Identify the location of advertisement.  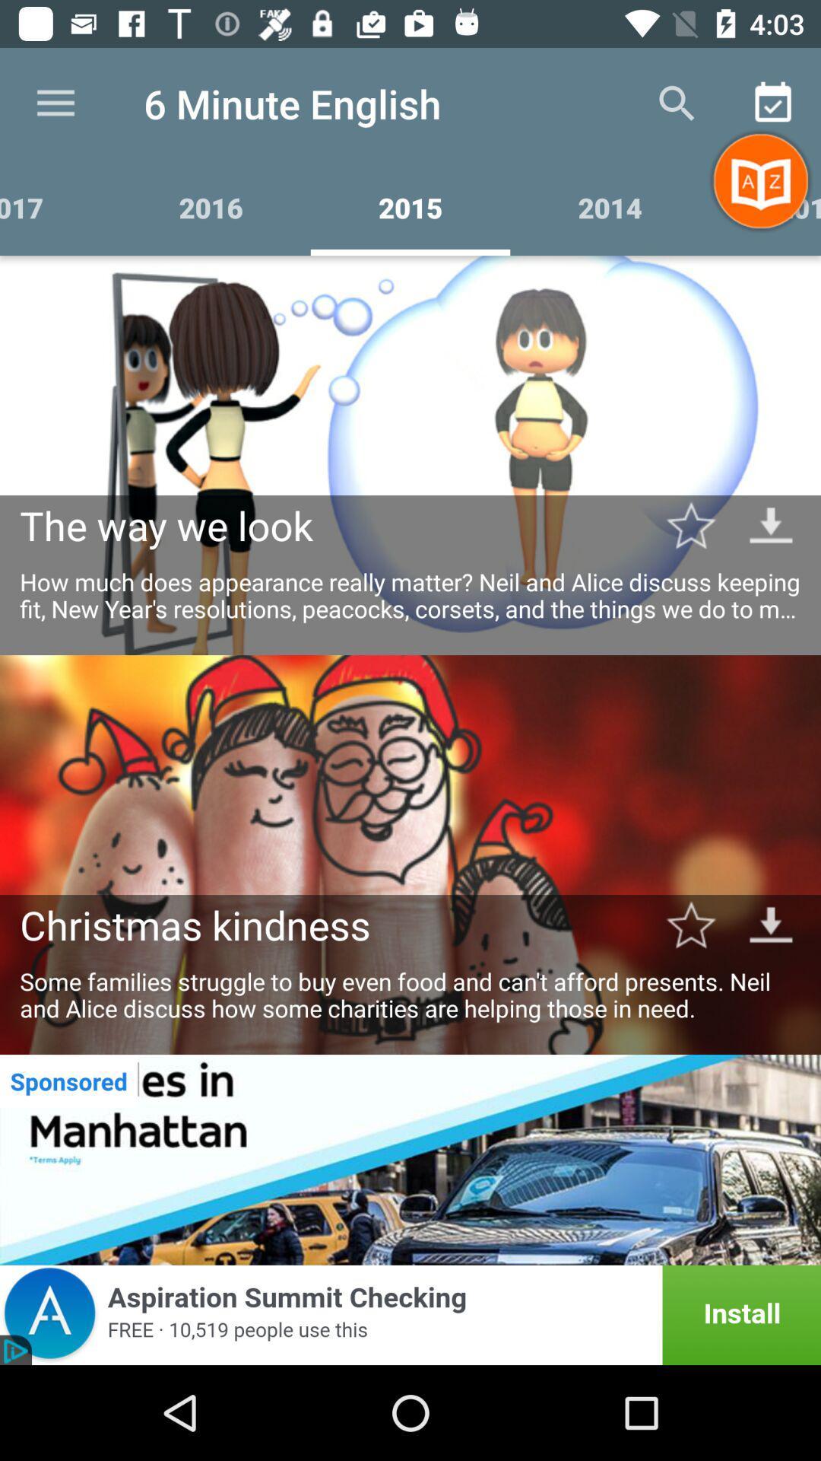
(410, 1159).